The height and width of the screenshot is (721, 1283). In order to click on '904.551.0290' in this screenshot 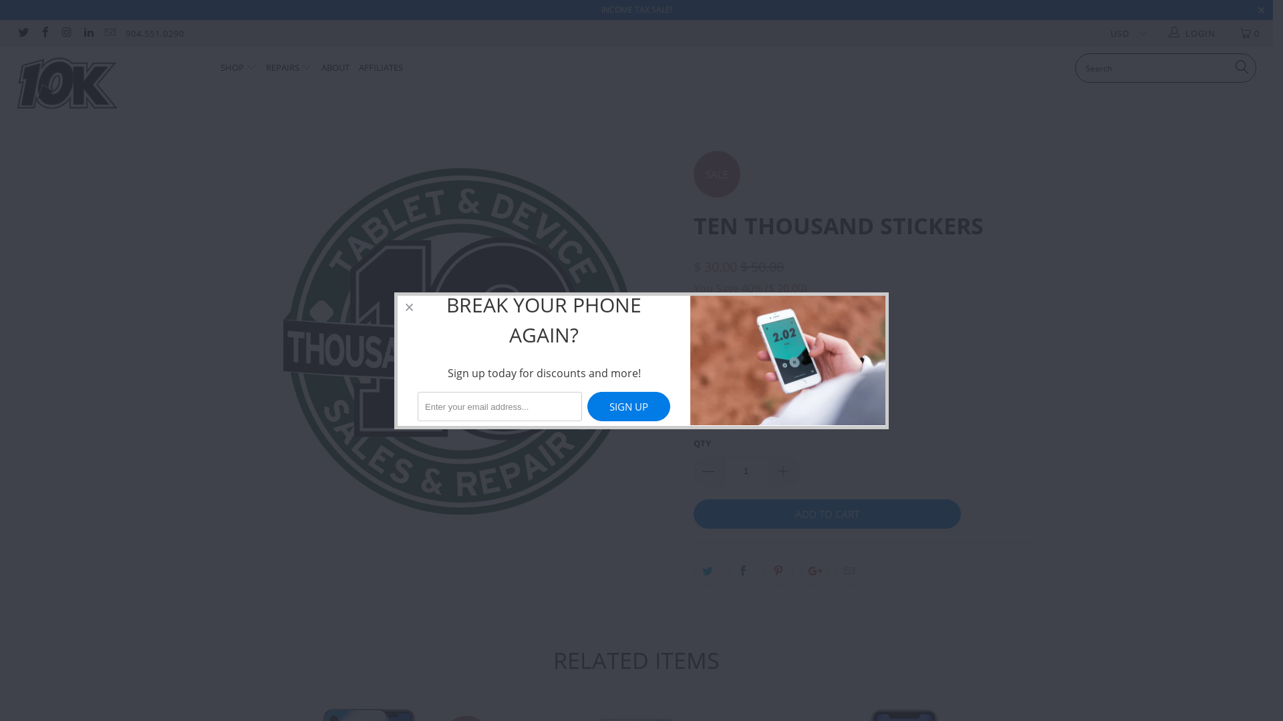, I will do `click(154, 33)`.